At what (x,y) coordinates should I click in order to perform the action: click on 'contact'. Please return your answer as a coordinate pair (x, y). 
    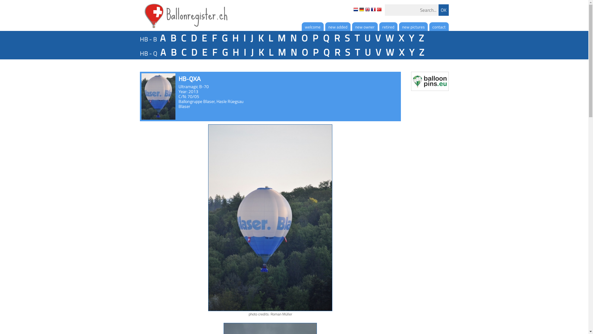
    Looking at the image, I should click on (439, 26).